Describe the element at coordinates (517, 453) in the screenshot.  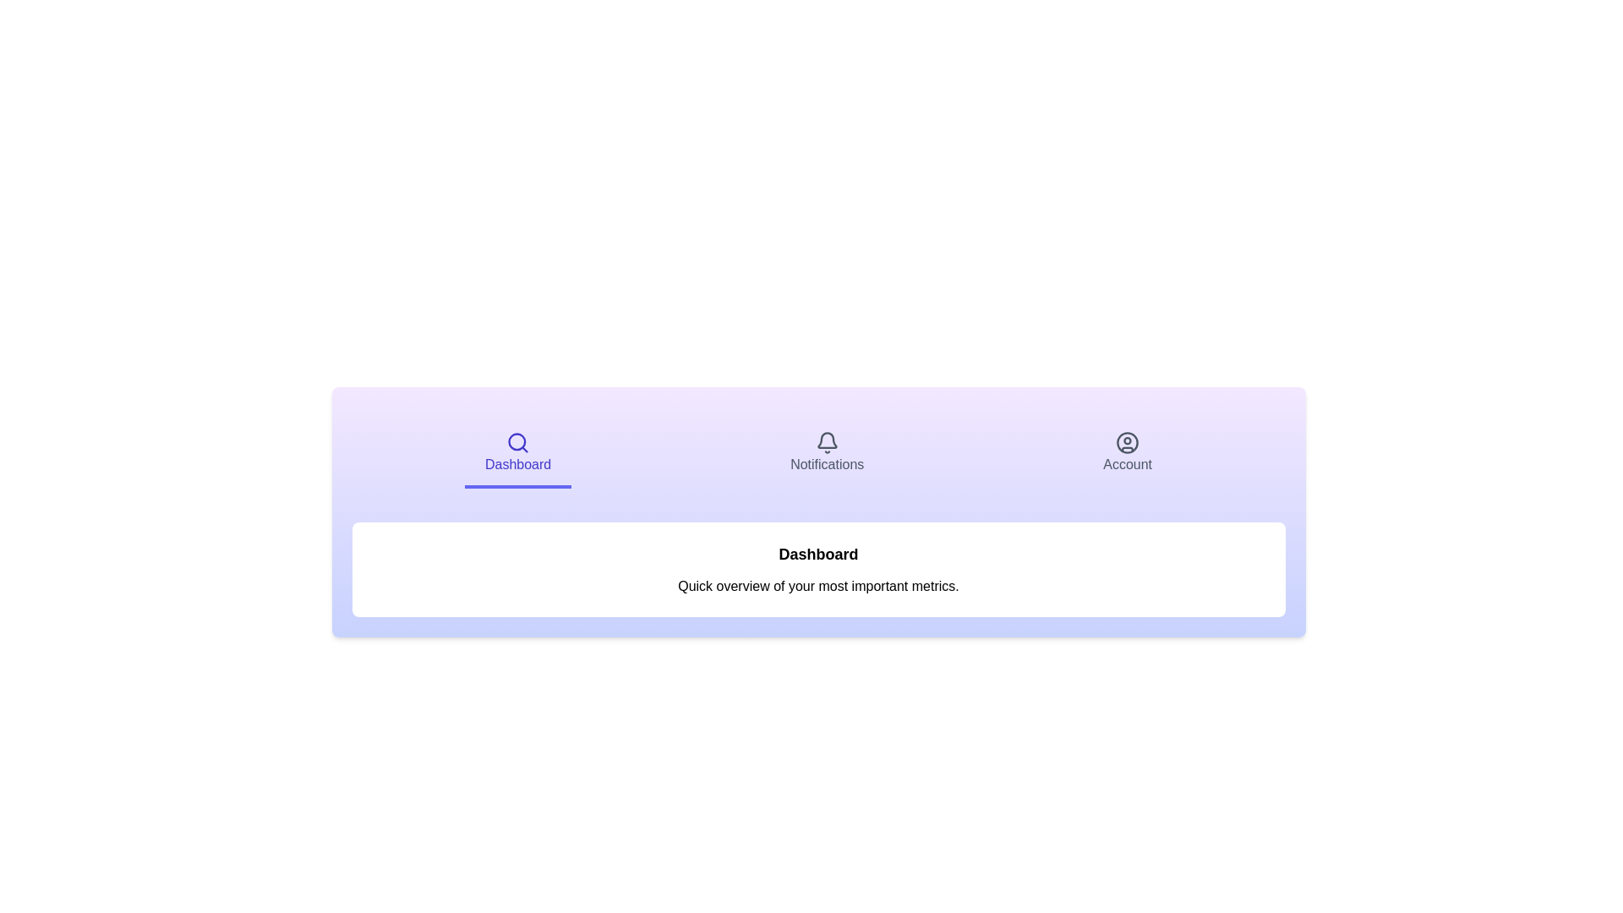
I see `the Dashboard tab by clicking on it` at that location.